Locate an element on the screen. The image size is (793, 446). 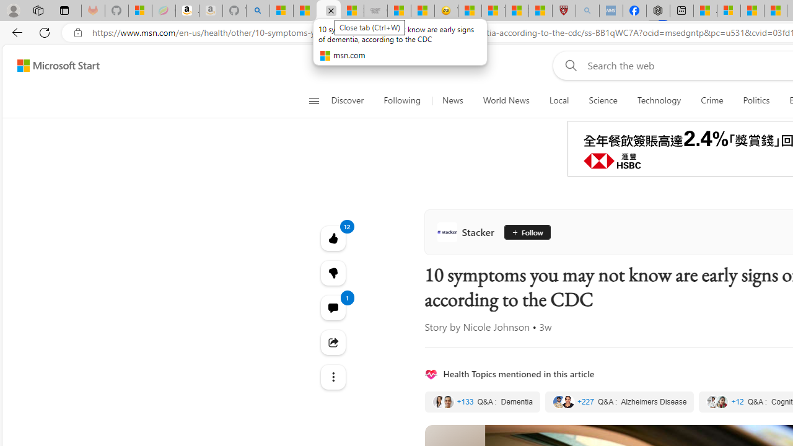
'News' is located at coordinates (452, 100).